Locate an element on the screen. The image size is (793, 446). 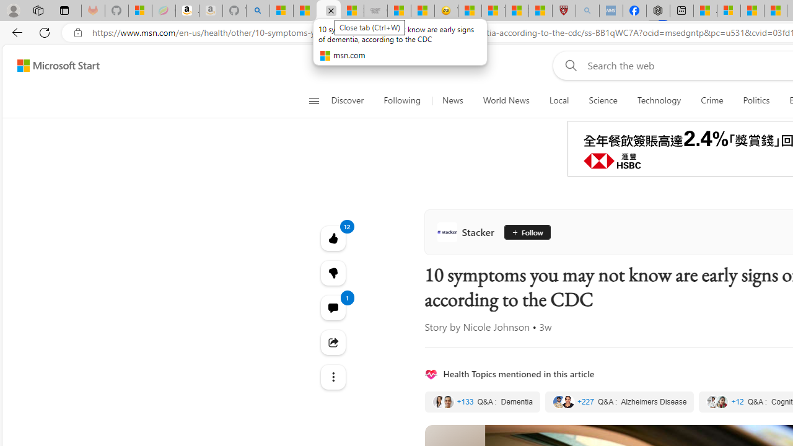
'News' is located at coordinates (452, 100).